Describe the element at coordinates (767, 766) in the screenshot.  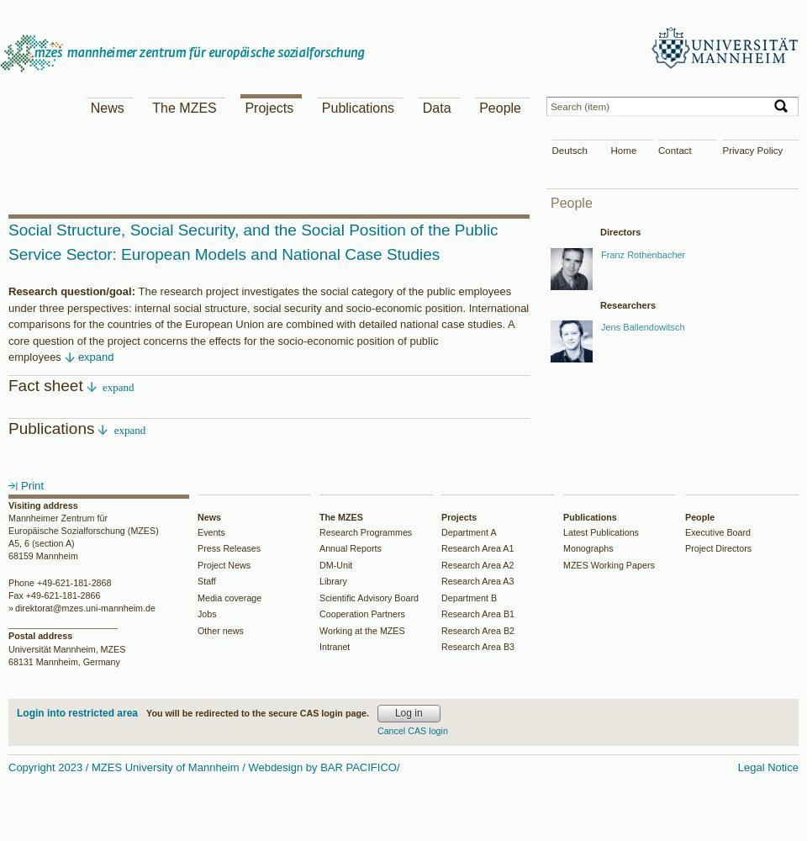
I see `'Legal Notice'` at that location.